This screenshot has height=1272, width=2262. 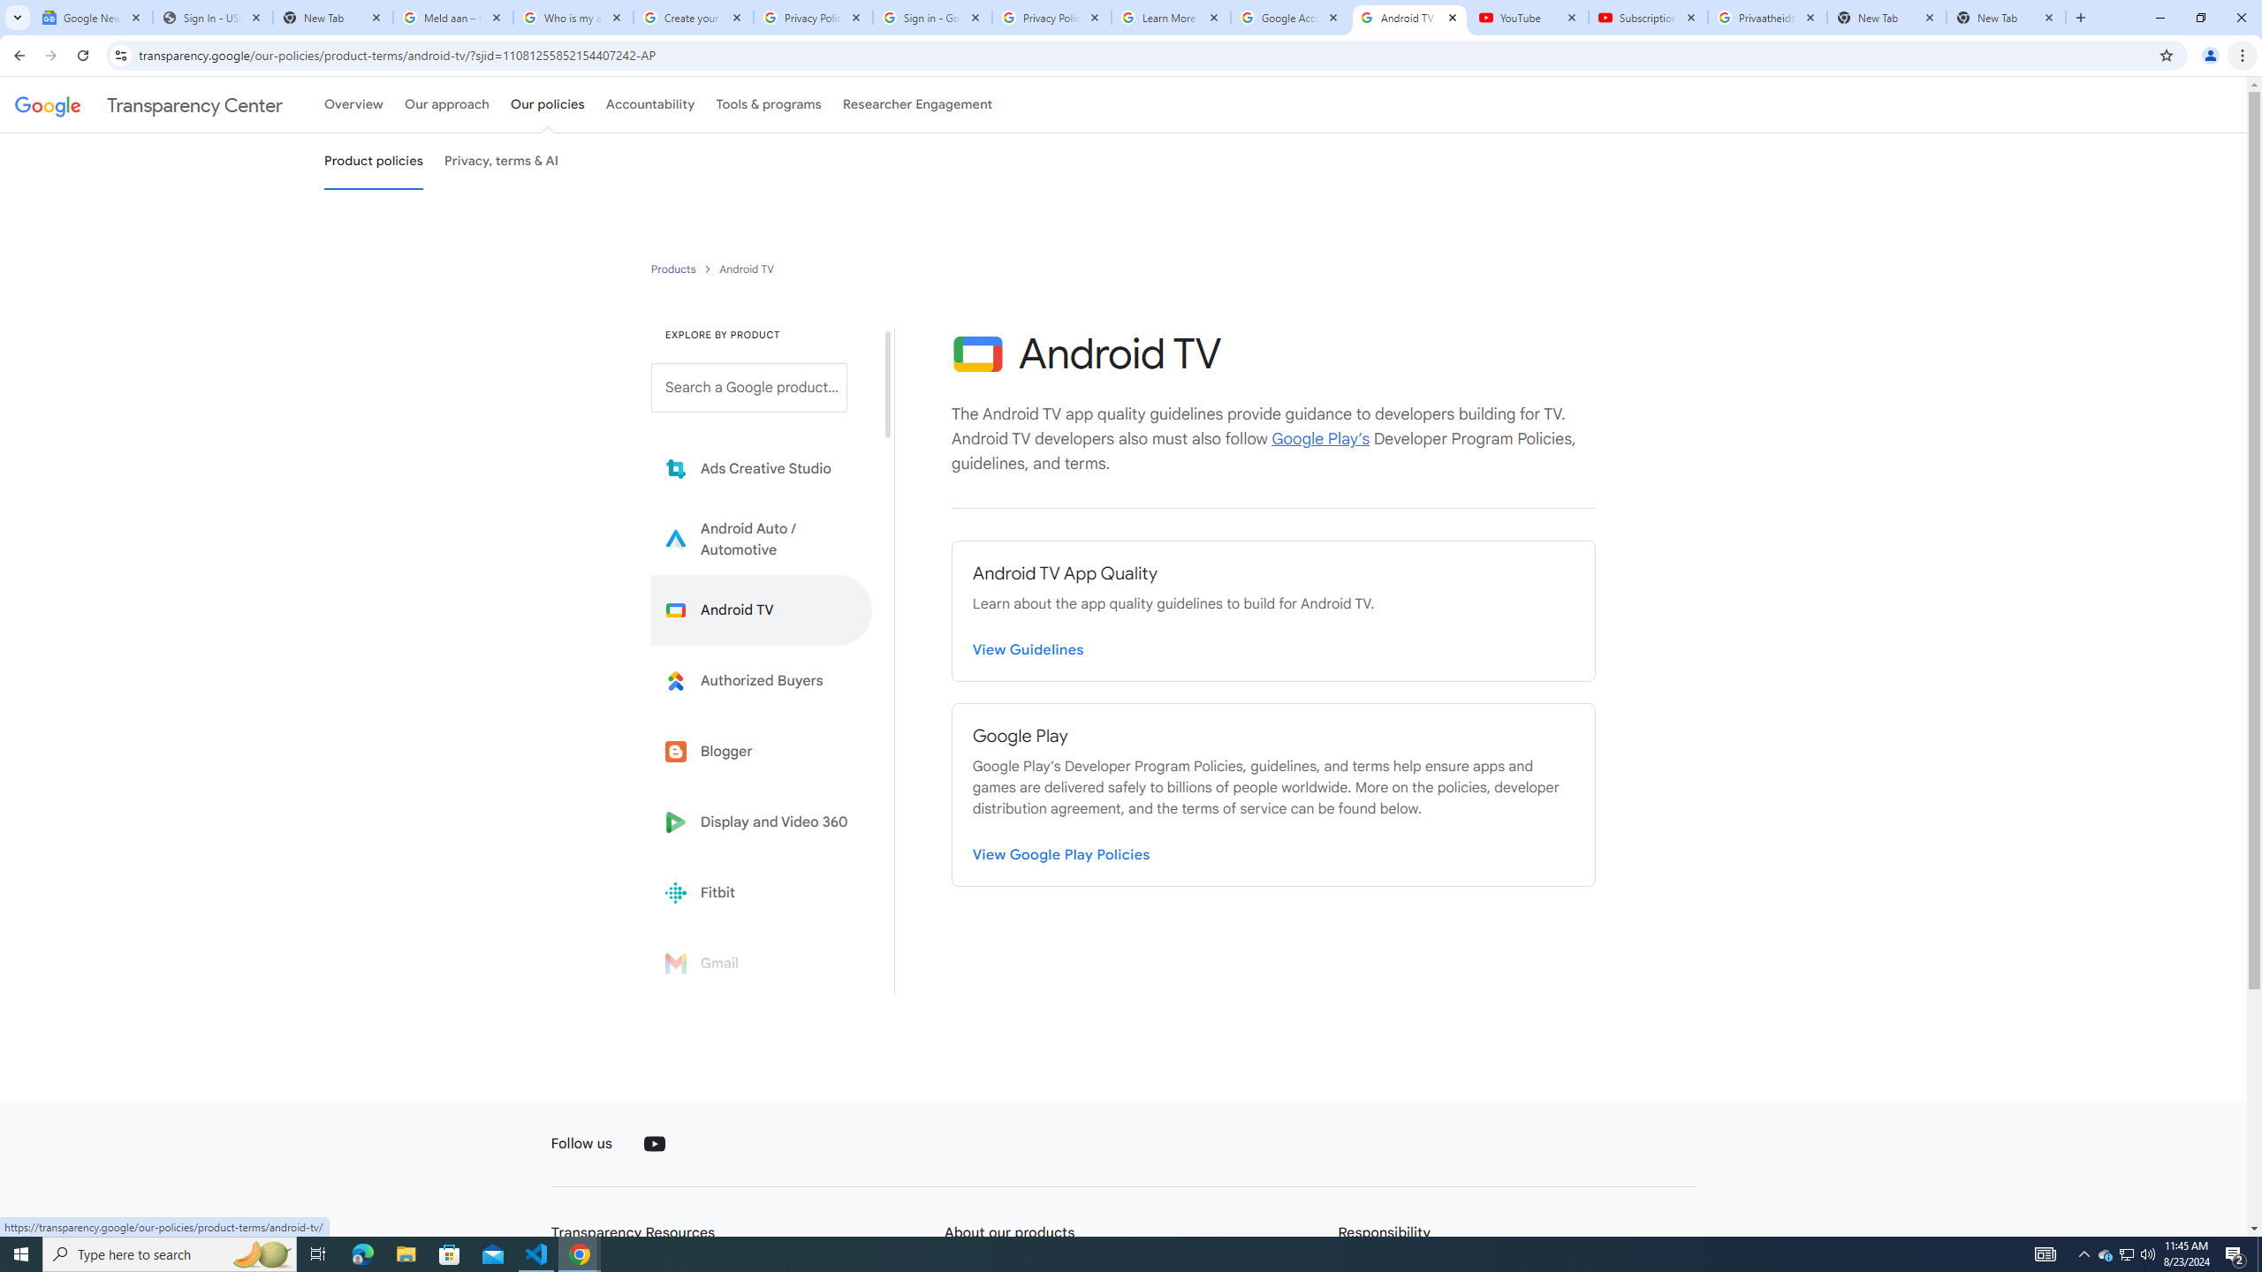 What do you see at coordinates (91, 17) in the screenshot?
I see `'Google News'` at bounding box center [91, 17].